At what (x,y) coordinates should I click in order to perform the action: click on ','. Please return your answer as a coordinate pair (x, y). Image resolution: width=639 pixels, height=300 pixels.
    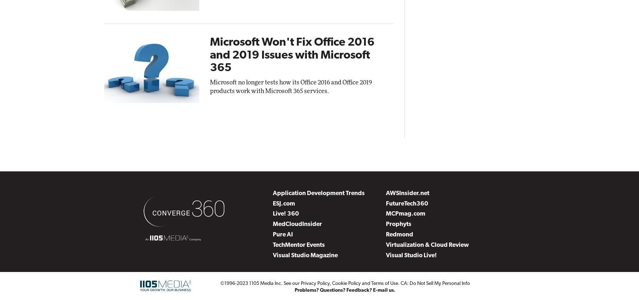
    Looking at the image, I should click on (331, 283).